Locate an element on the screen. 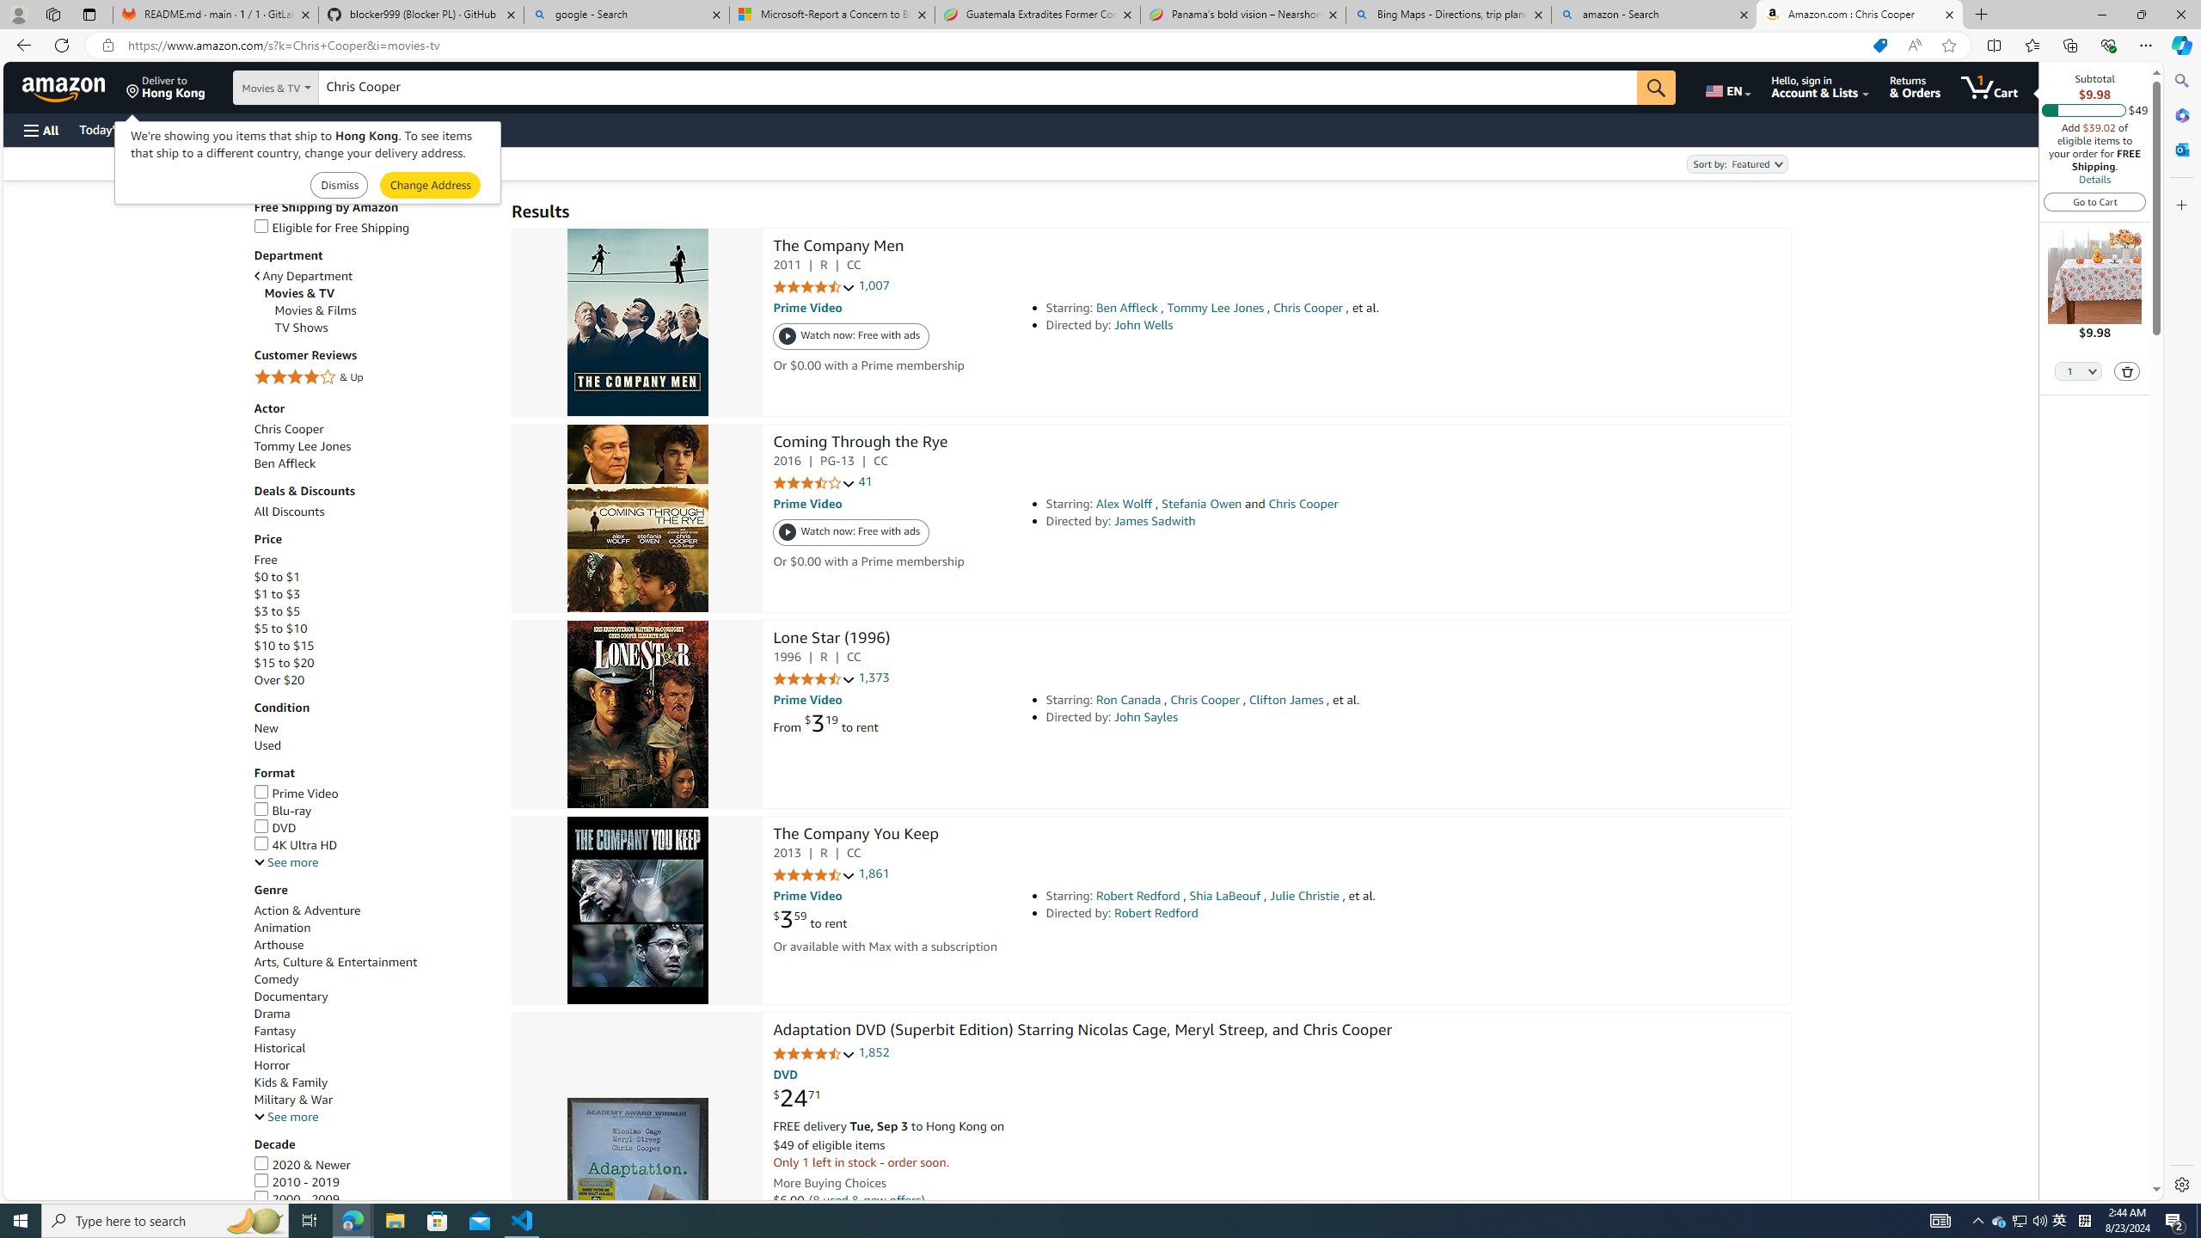 Image resolution: width=2201 pixels, height=1238 pixels. 'Military & War' is located at coordinates (291, 1100).